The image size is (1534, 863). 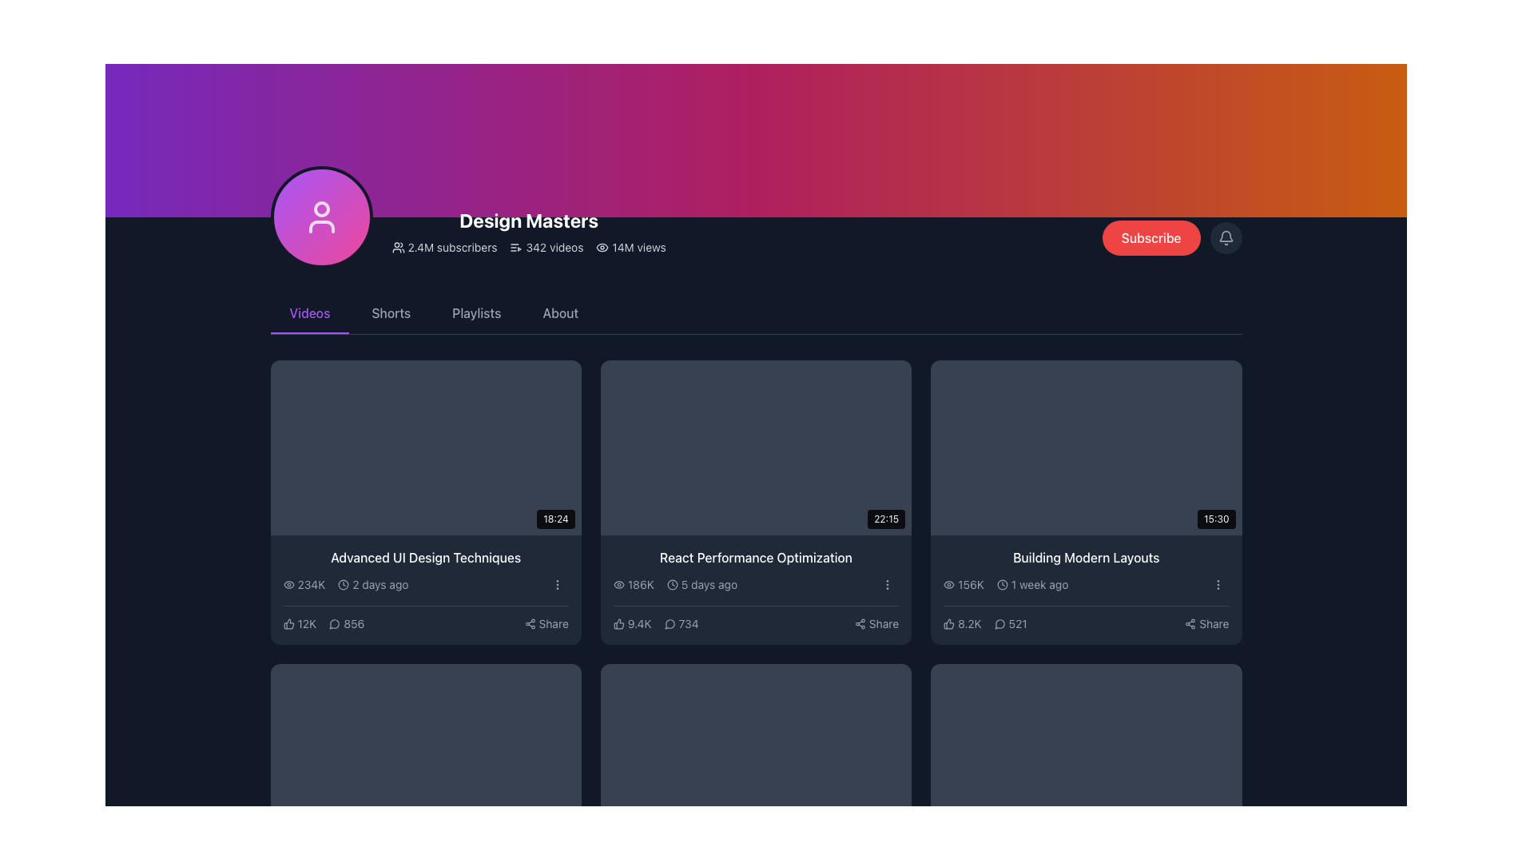 What do you see at coordinates (343, 585) in the screenshot?
I see `the time icon located to the left of the text '2 days ago' in the lower part of the card for the video titled 'Advanced UI Design Techniques'` at bounding box center [343, 585].